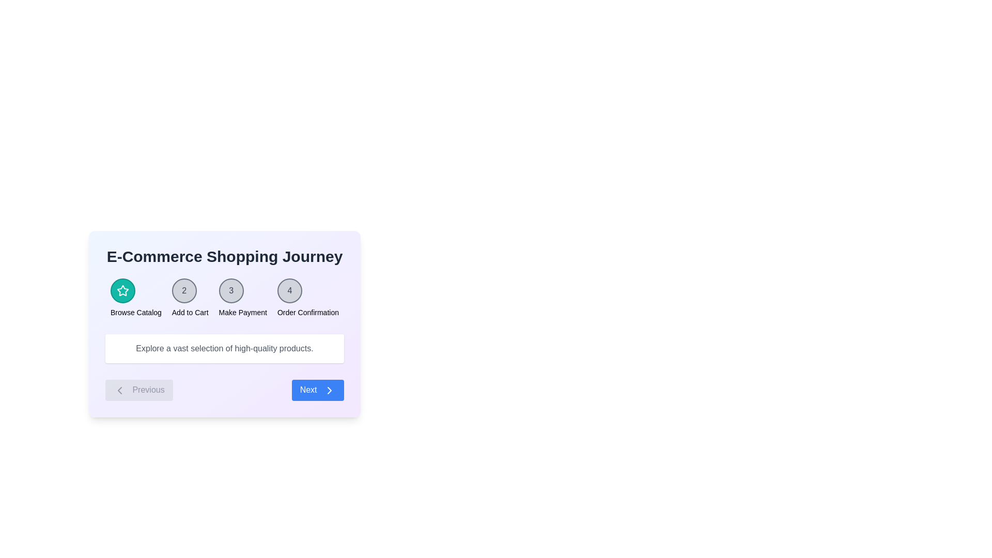 The image size is (992, 558). I want to click on the text content of the Text and Icon Indicator that shows the number '3' and the text 'Make Payment', so click(242, 298).